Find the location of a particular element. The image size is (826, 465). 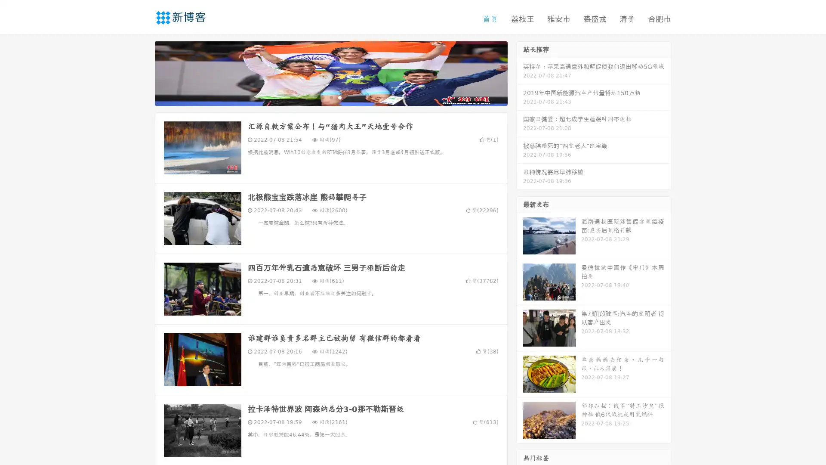

Go to slide 3 is located at coordinates (339, 97).